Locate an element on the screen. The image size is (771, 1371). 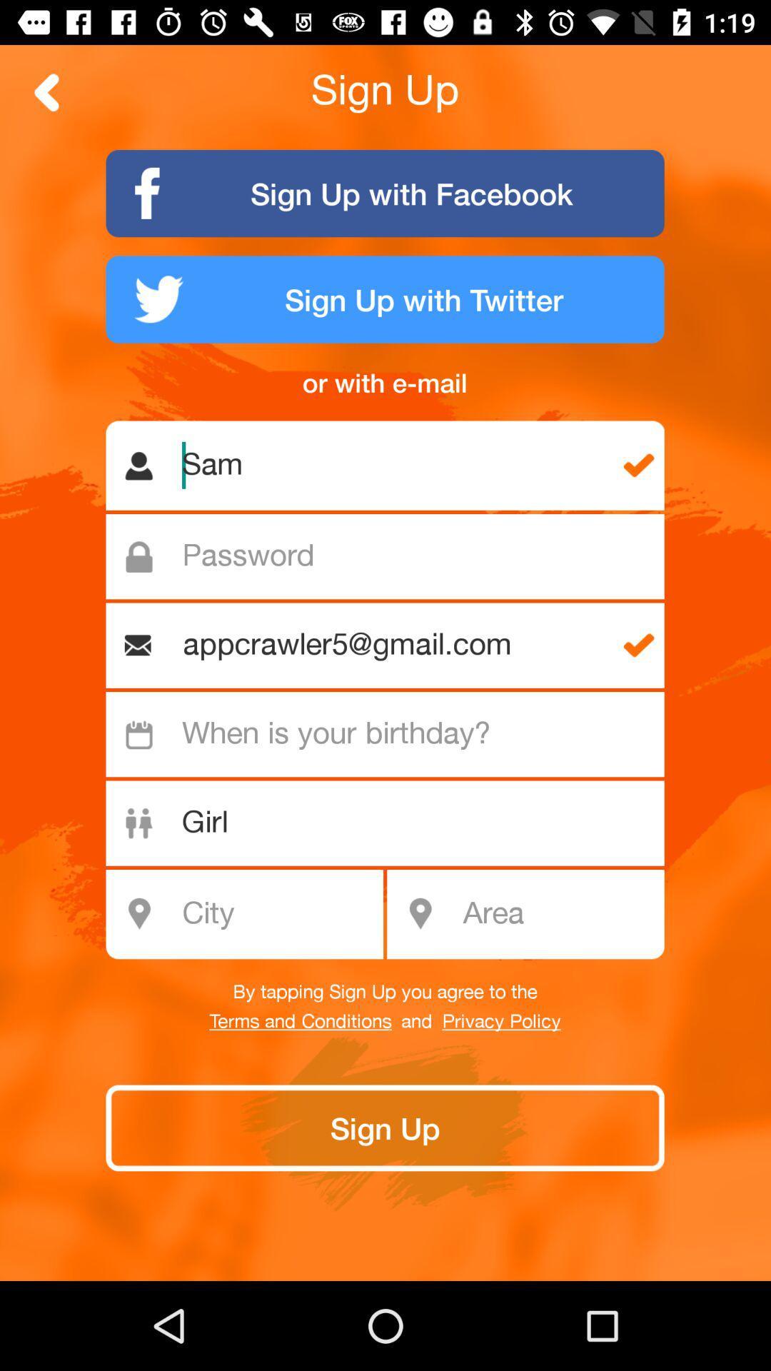
the icon which is left side of the city is located at coordinates (139, 914).